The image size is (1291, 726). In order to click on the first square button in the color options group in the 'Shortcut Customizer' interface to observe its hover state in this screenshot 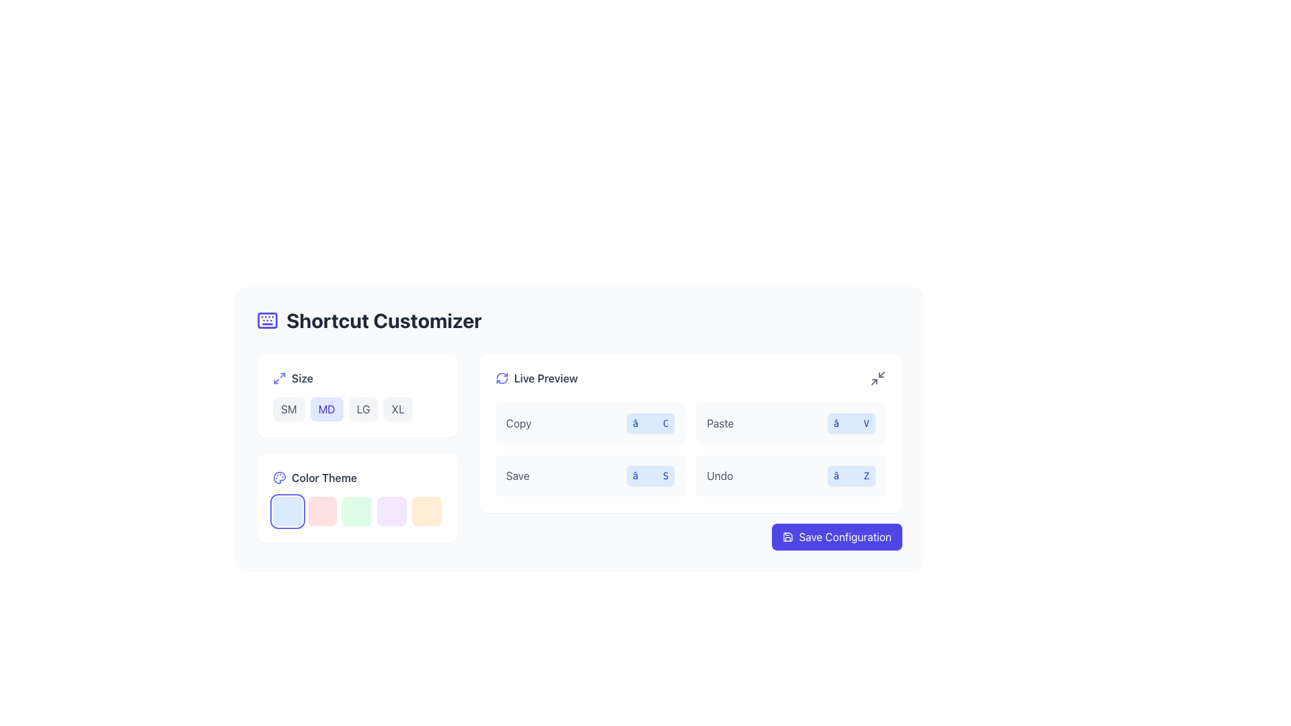, I will do `click(286, 511)`.